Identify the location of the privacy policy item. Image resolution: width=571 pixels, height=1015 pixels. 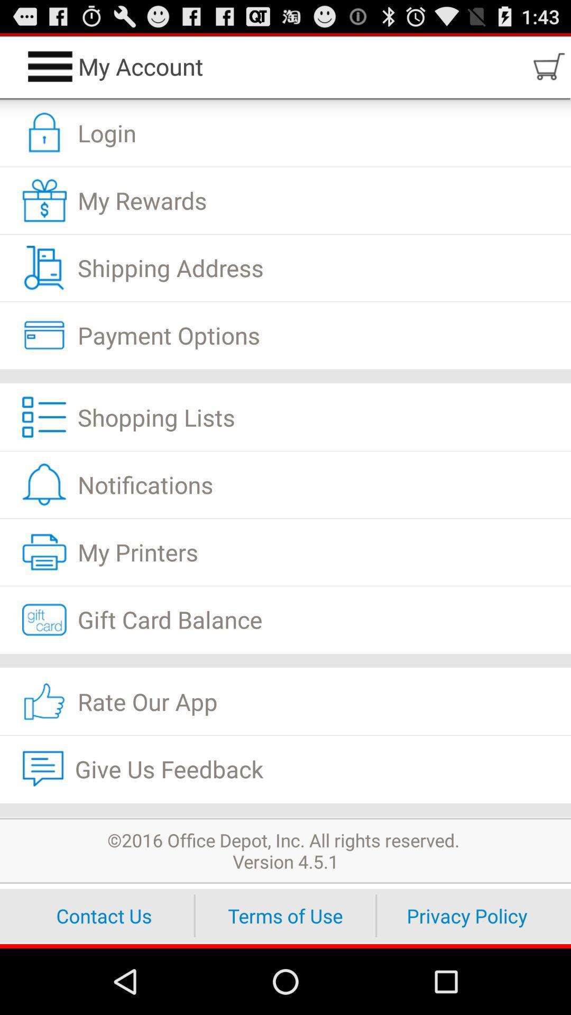
(466, 915).